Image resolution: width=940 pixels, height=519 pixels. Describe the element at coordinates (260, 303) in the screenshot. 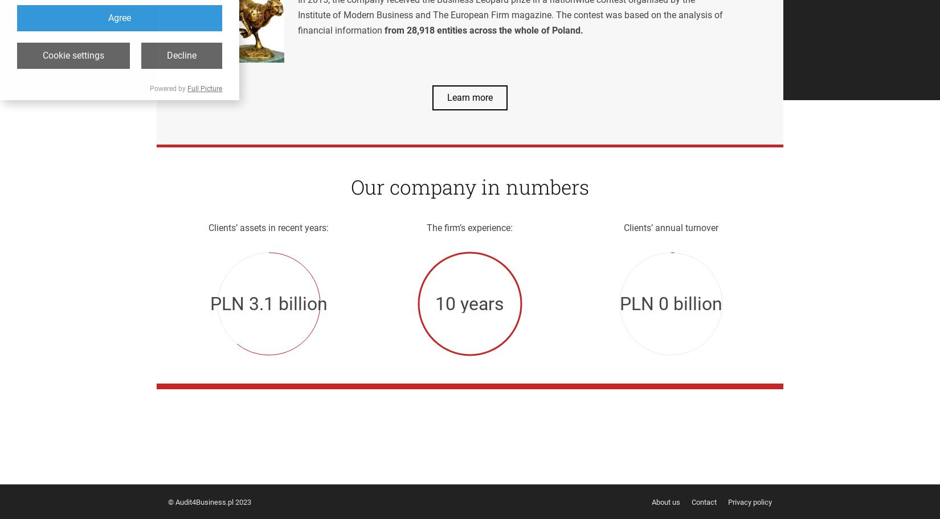

I see `'5.1'` at that location.